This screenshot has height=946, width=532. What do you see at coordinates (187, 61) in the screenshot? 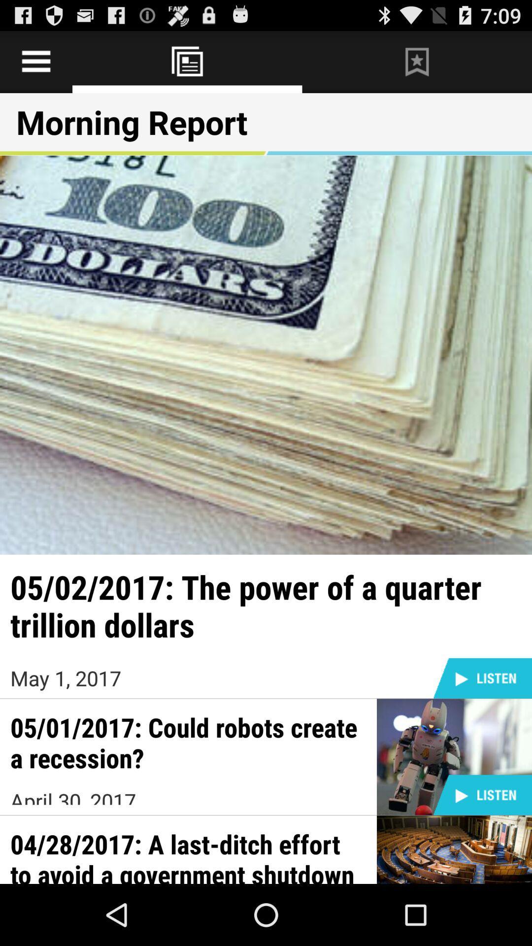
I see `stack windows` at bounding box center [187, 61].